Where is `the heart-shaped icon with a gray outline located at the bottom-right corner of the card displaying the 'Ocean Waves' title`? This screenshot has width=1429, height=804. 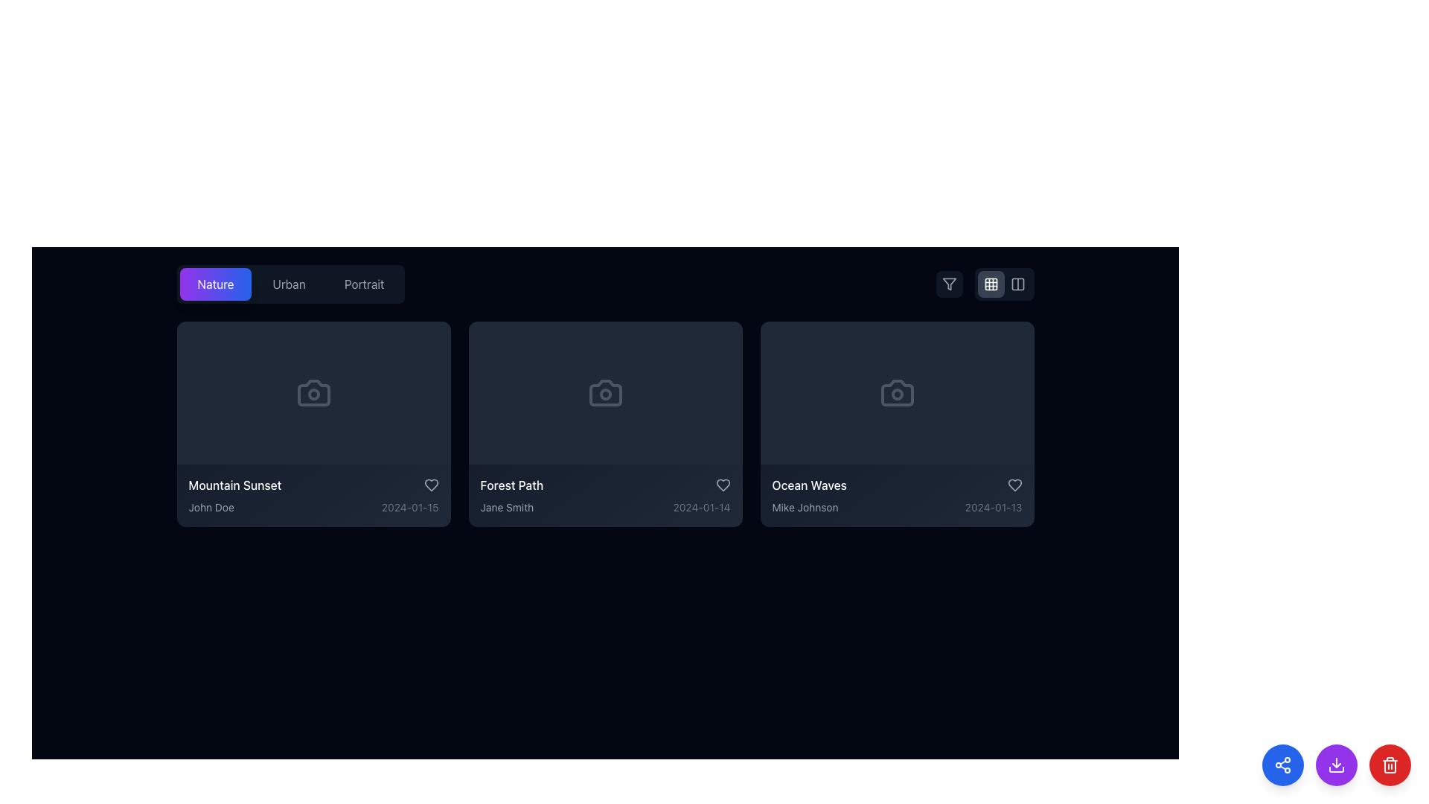 the heart-shaped icon with a gray outline located at the bottom-right corner of the card displaying the 'Ocean Waves' title is located at coordinates (1014, 485).